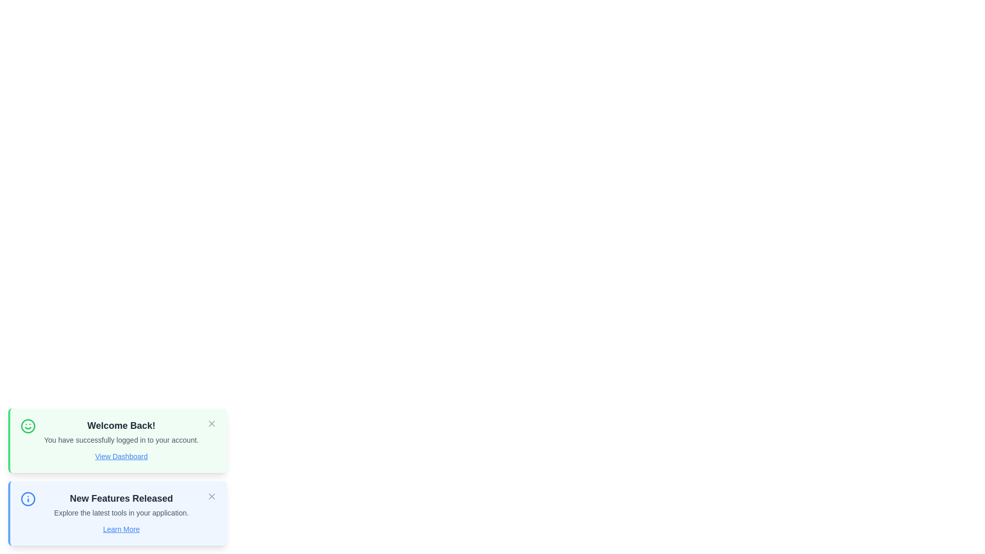 The image size is (985, 554). What do you see at coordinates (28, 426) in the screenshot?
I see `the notification icon to identify its type based on the color and icon displayed` at bounding box center [28, 426].